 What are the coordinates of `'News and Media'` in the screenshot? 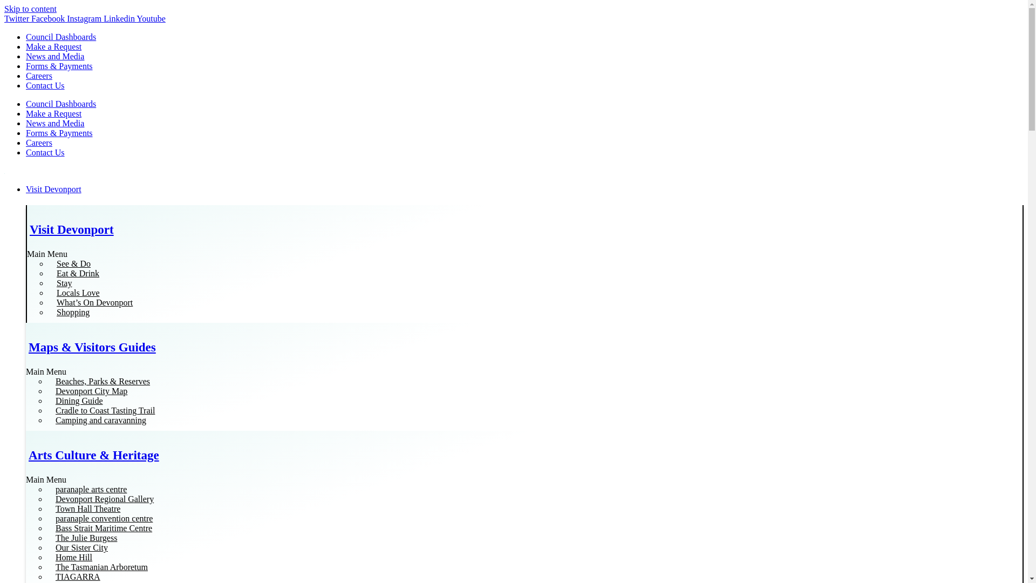 It's located at (54, 56).